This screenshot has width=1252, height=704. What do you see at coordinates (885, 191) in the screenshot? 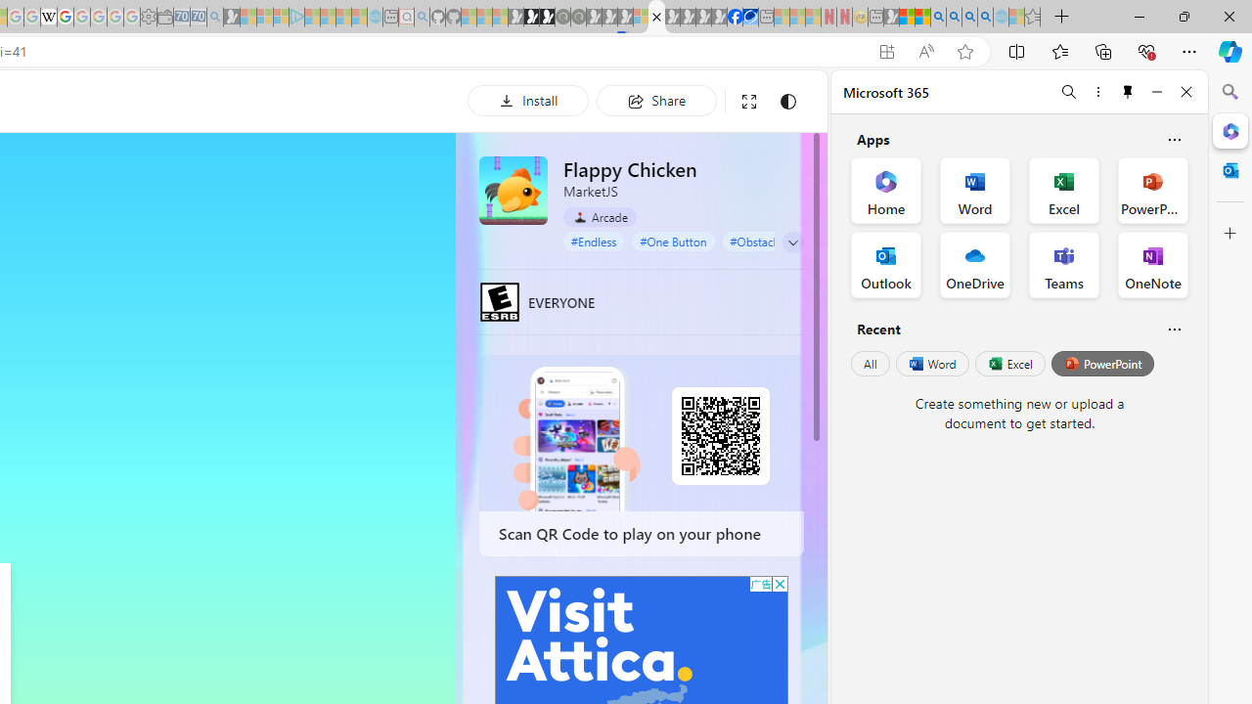
I see `'Home Office App'` at bounding box center [885, 191].